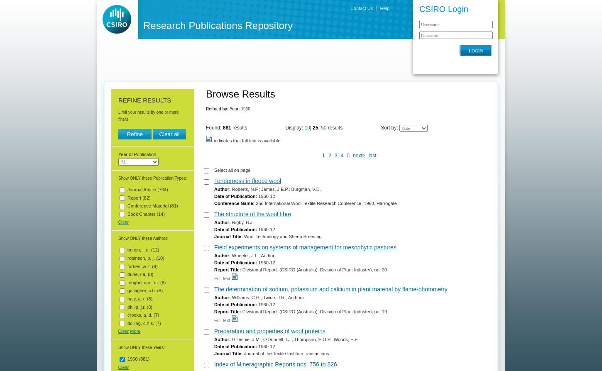 Image resolution: width=602 pixels, height=371 pixels. Describe the element at coordinates (142, 266) in the screenshot. I see `'forbes, w. f. (9)'` at that location.